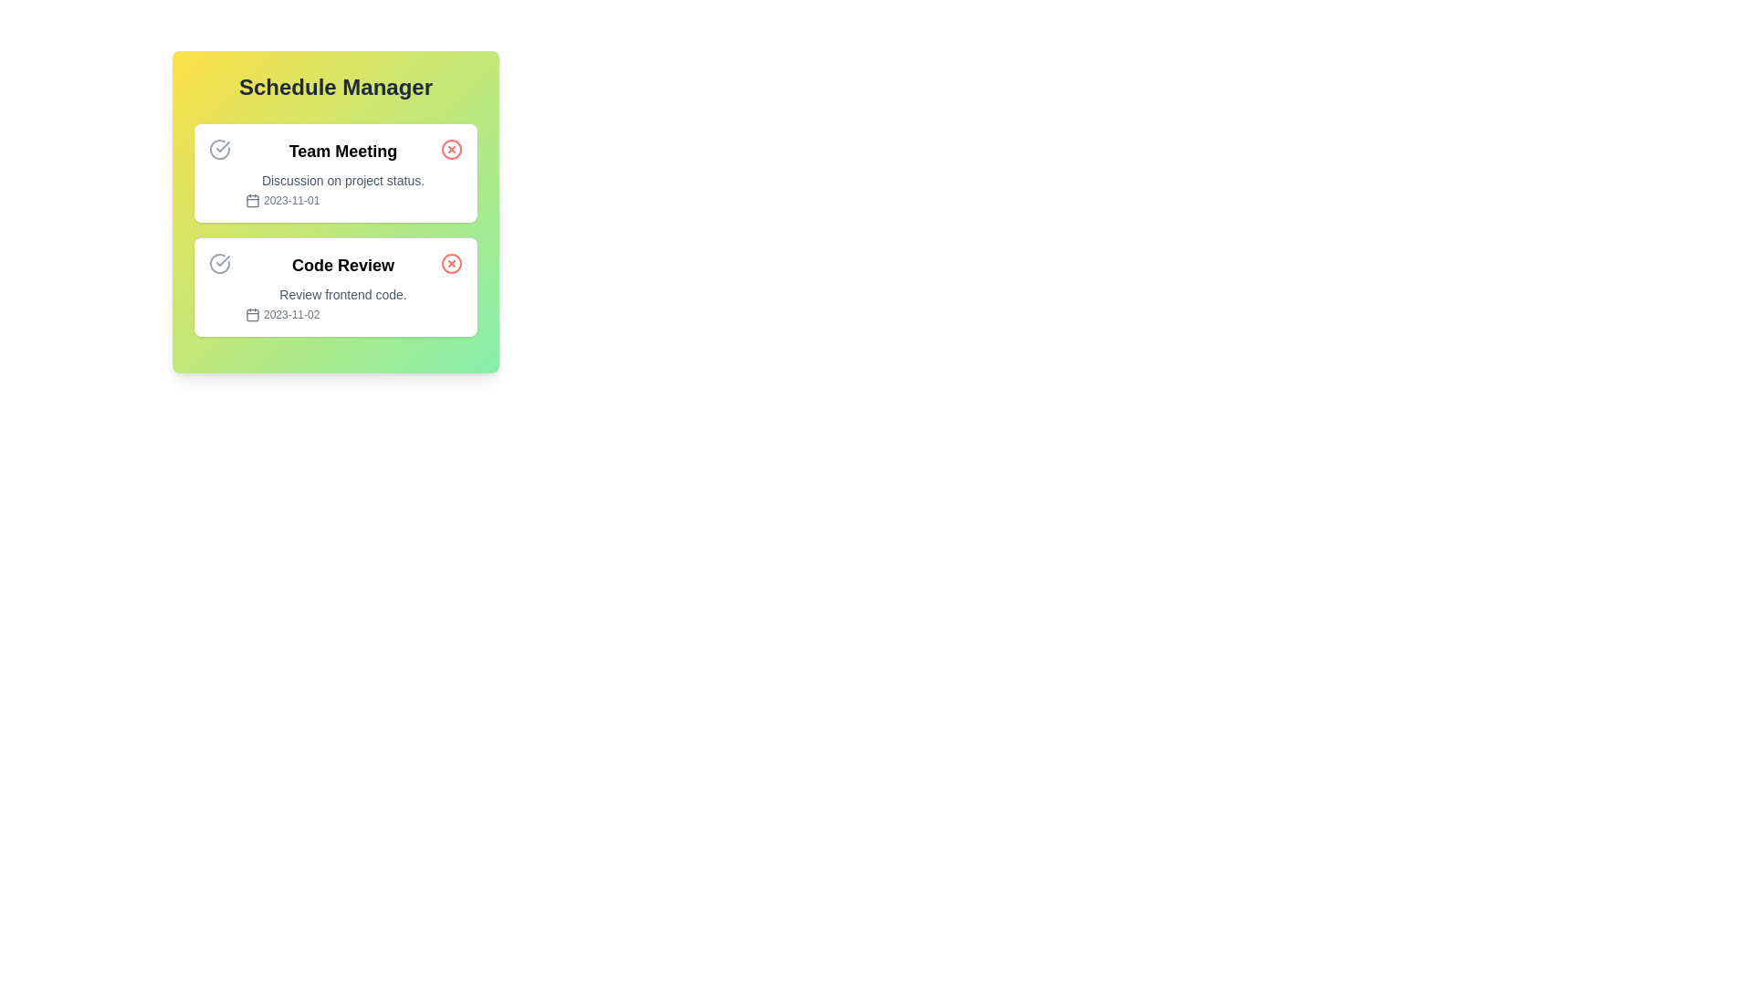  What do you see at coordinates (451, 149) in the screenshot?
I see `the red delete button located at the top-right corner of the 'Team Meeting' card in the Schedule Manager interface to change its appearance` at bounding box center [451, 149].